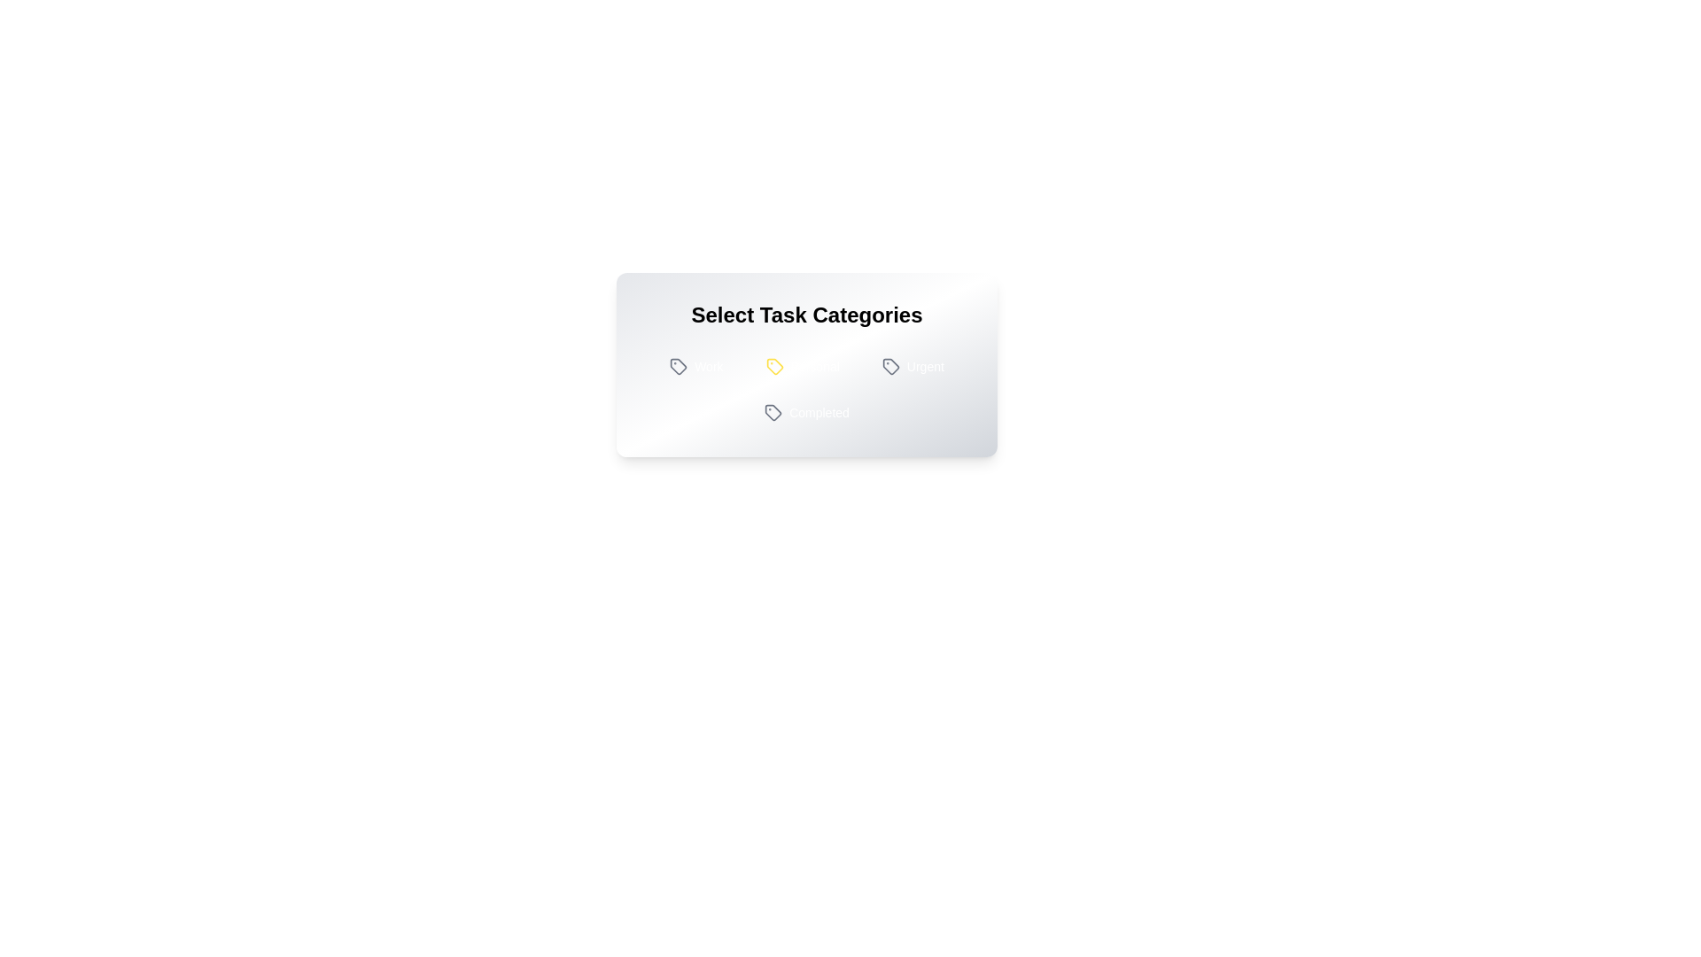 Image resolution: width=1701 pixels, height=957 pixels. What do you see at coordinates (802, 365) in the screenshot?
I see `the category chip labeled Personal` at bounding box center [802, 365].